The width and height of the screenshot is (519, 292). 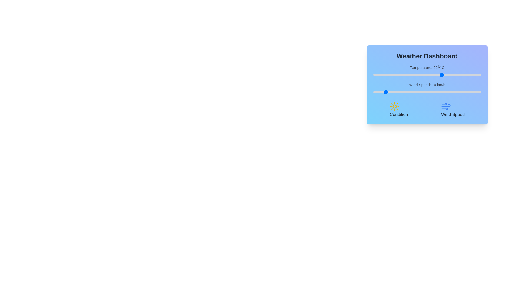 I want to click on the wind speed slider to set the wind speed to 61 km/h, so click(x=439, y=92).